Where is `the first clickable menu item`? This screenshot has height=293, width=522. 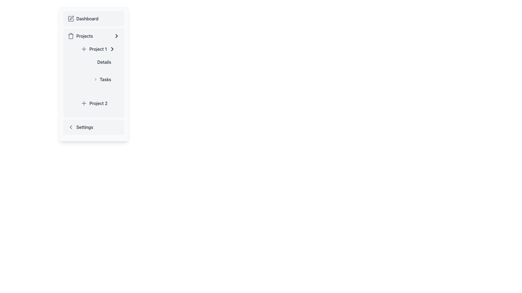 the first clickable menu item is located at coordinates (94, 36).